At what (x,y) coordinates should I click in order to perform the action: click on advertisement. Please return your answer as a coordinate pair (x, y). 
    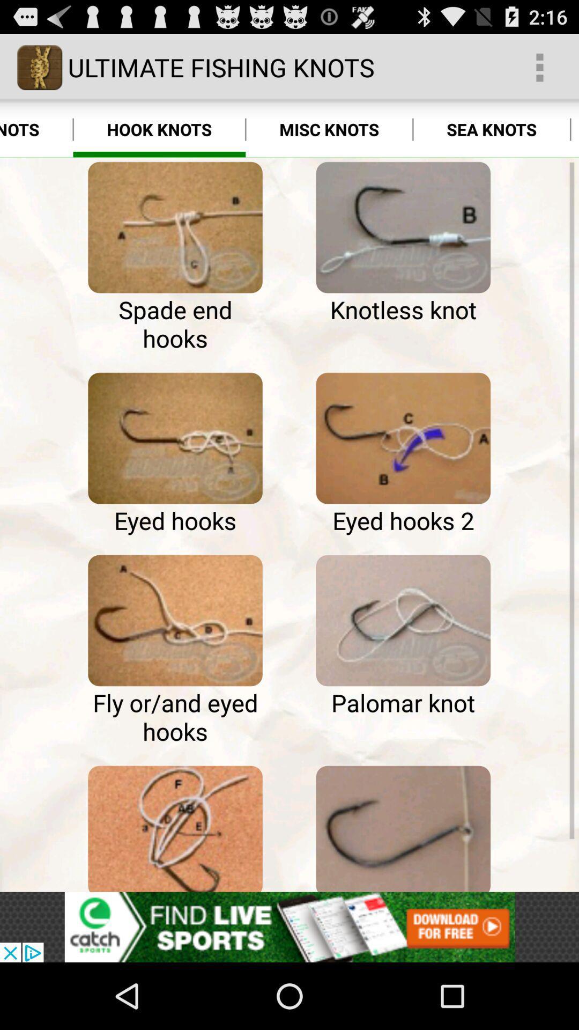
    Looking at the image, I should click on (289, 926).